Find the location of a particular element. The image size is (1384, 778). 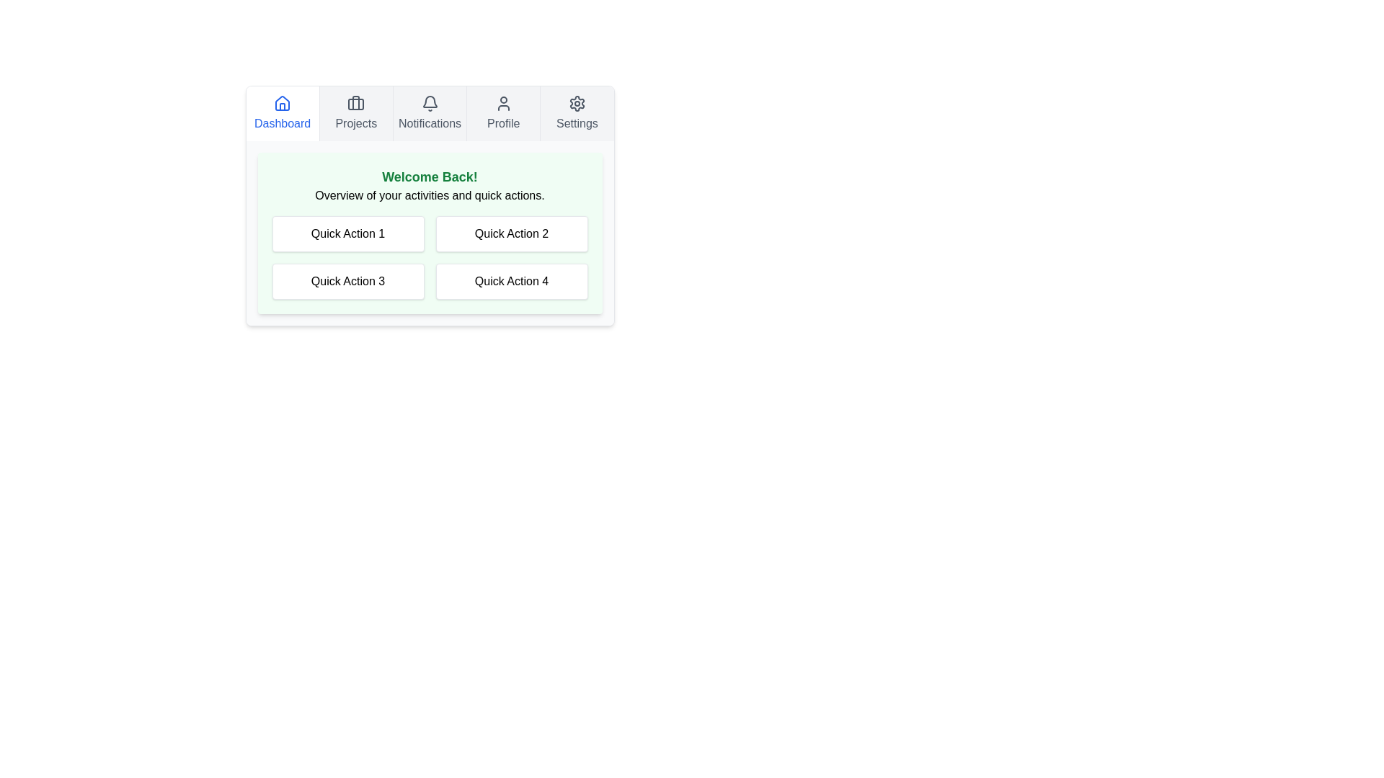

the button labeled 'Quick Action 3' located in the bottom-left cell of the 2x2 grid under the heading 'Overview of your activities and quick actions' is located at coordinates (348, 281).